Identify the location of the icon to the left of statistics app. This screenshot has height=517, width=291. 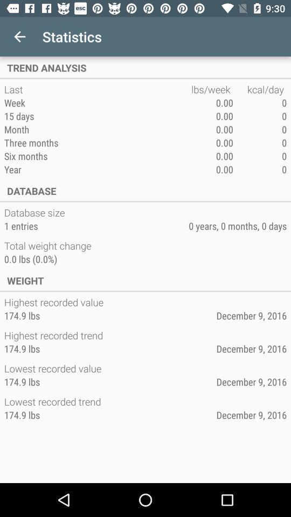
(19, 37).